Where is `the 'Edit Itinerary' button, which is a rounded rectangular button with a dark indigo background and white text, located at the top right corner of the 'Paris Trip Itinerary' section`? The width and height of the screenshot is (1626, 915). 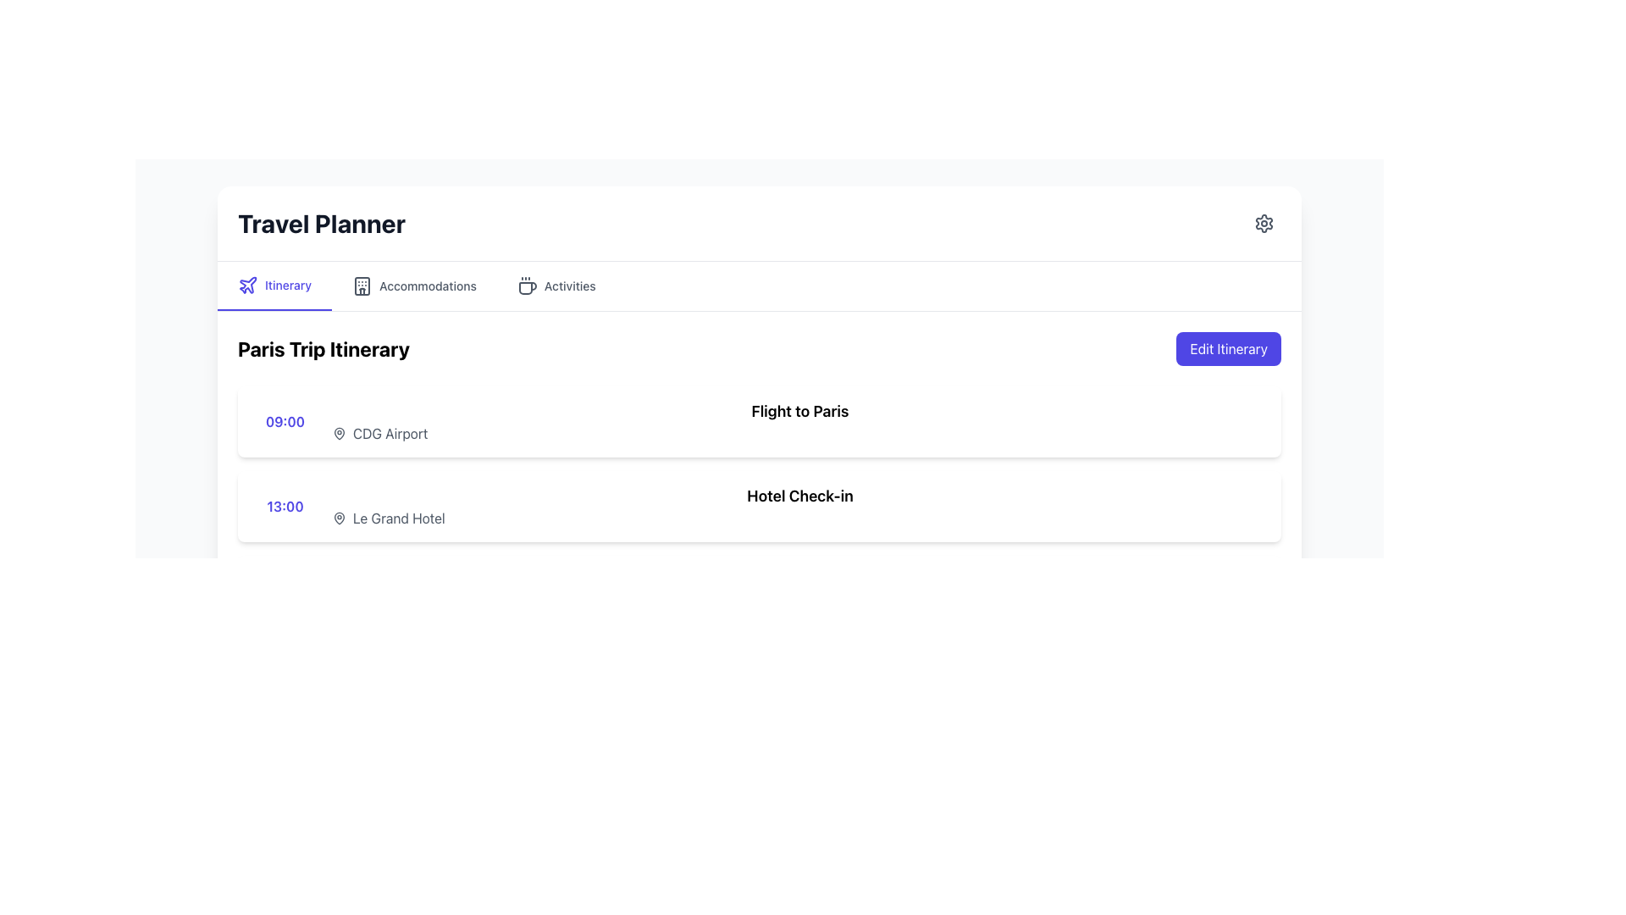 the 'Edit Itinerary' button, which is a rounded rectangular button with a dark indigo background and white text, located at the top right corner of the 'Paris Trip Itinerary' section is located at coordinates (1229, 348).